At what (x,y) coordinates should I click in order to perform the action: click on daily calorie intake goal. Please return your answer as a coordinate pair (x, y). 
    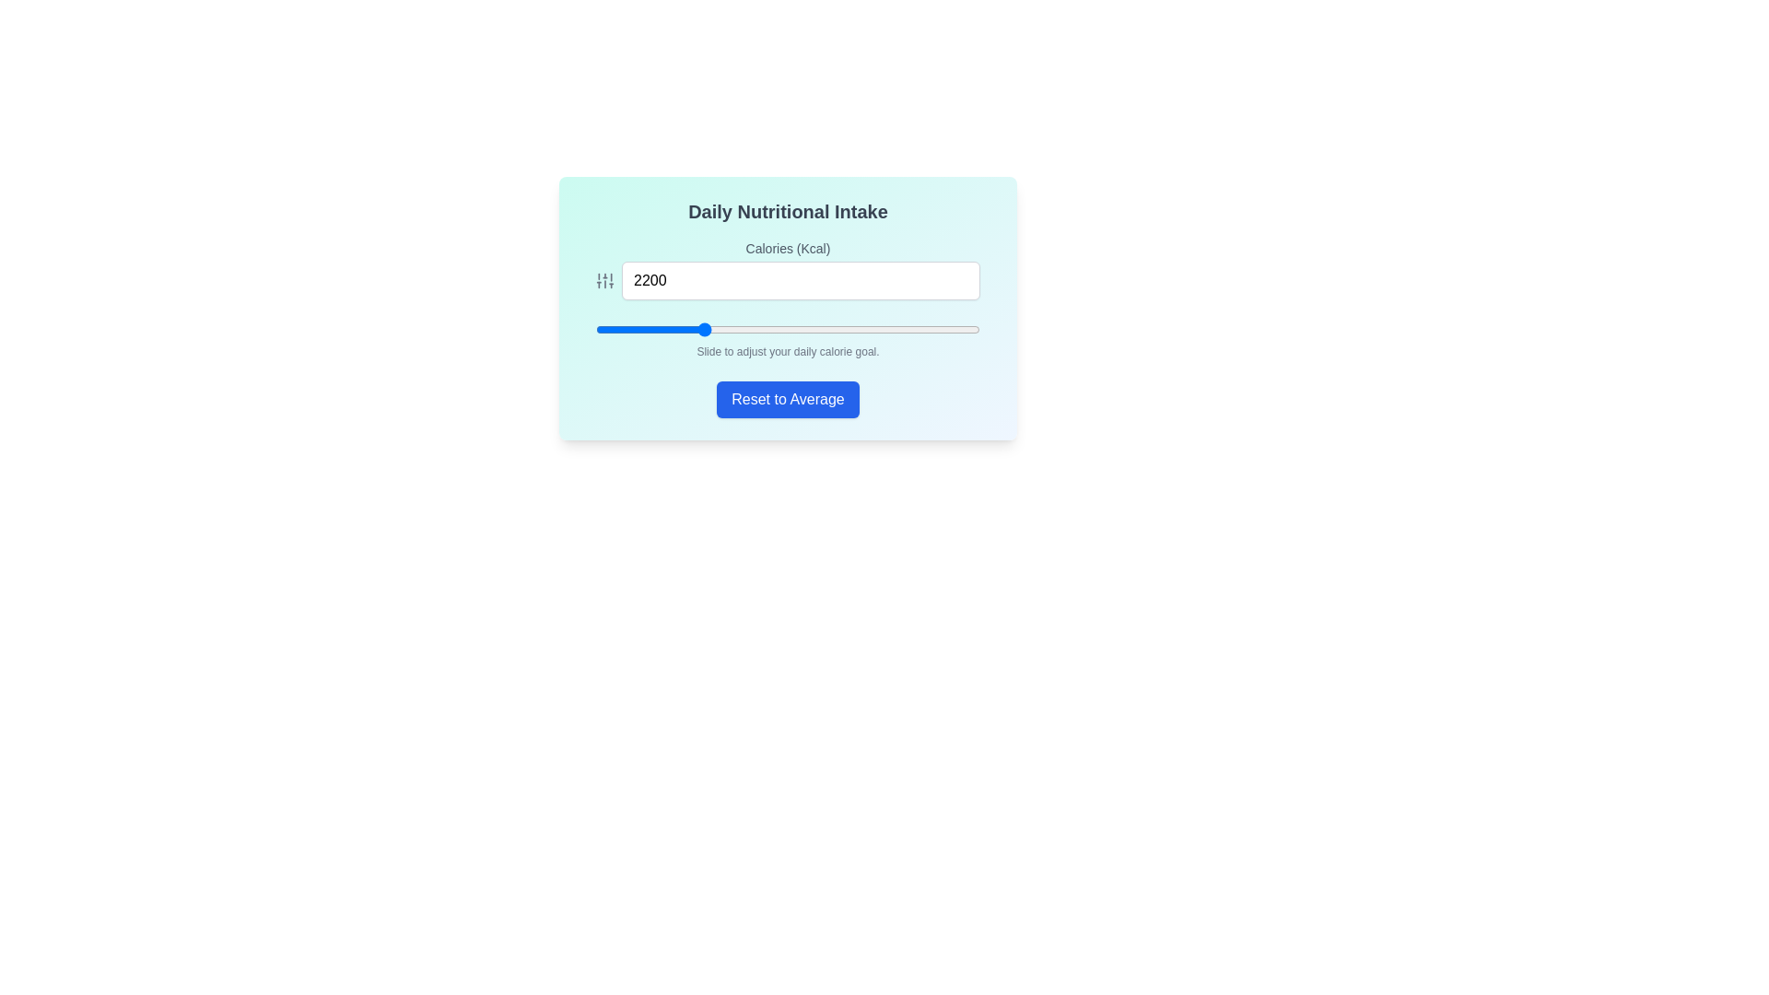
    Looking at the image, I should click on (627, 329).